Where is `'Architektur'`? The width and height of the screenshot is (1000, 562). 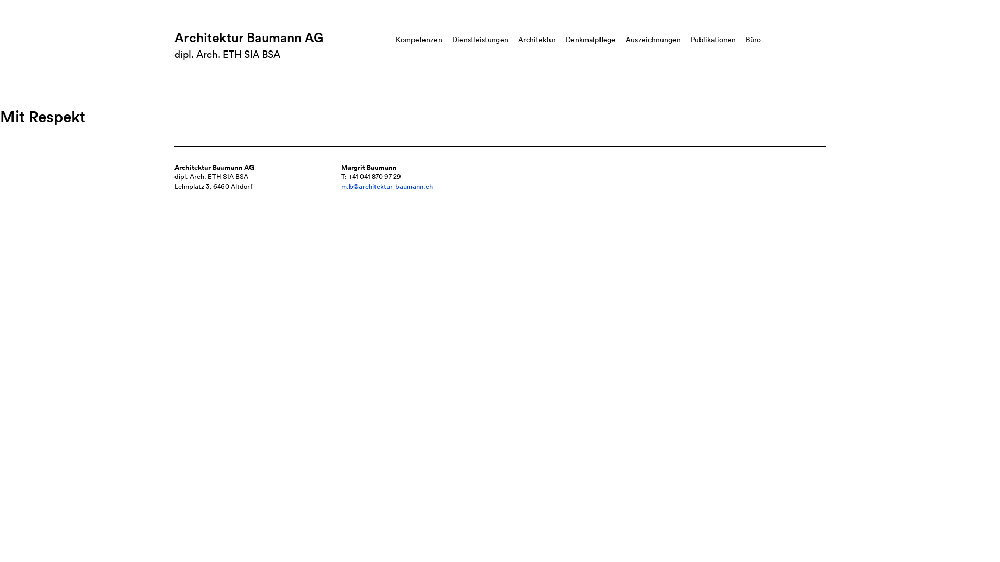
'Architektur' is located at coordinates (537, 39).